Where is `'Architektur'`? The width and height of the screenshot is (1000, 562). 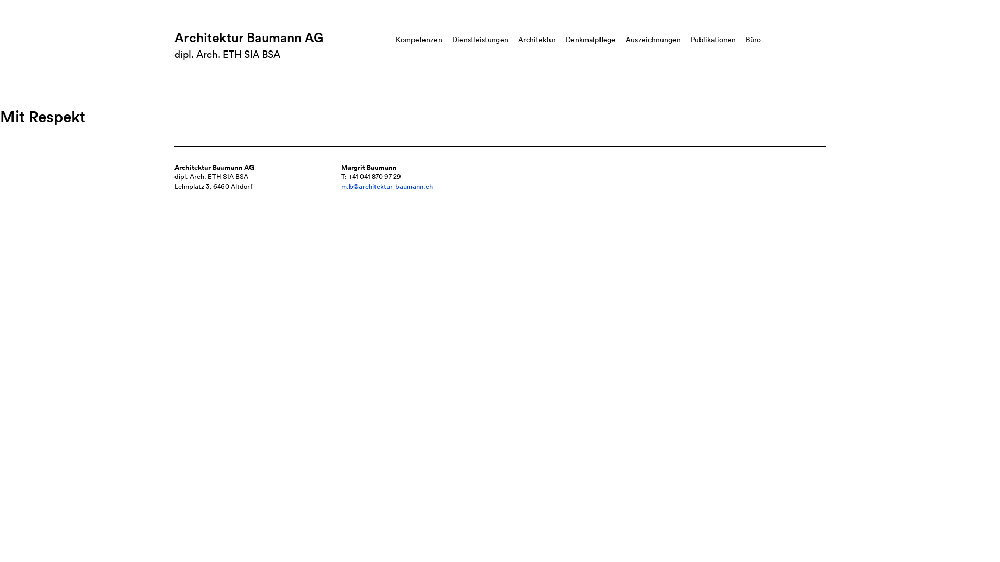
'Architektur' is located at coordinates (537, 39).